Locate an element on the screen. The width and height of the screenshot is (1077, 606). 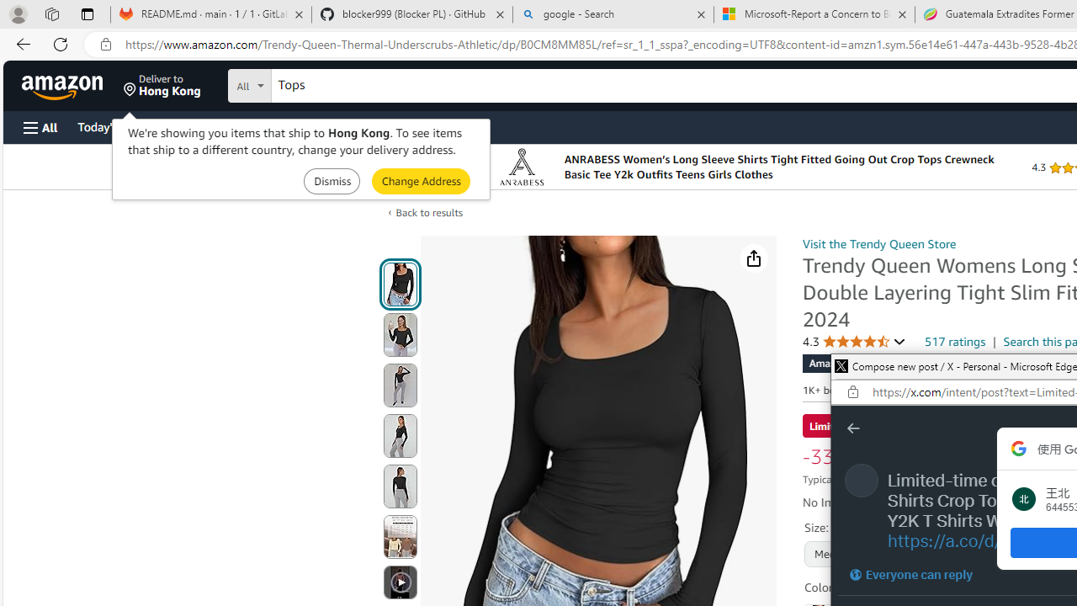
'Back to results' is located at coordinates (429, 211).